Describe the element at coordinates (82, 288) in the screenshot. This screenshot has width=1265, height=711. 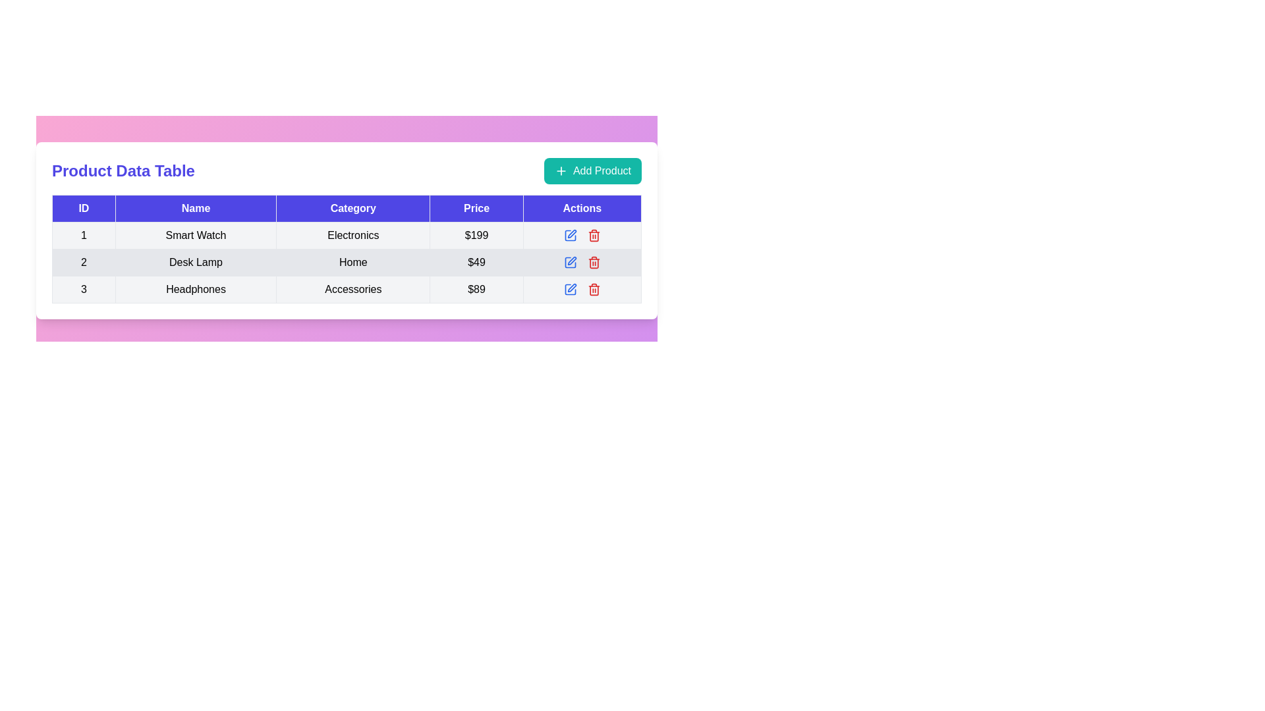
I see `the table cell that serves as the row identifier for the entry 'Headphones', which is the first cell in the 'ID' column of the table` at that location.